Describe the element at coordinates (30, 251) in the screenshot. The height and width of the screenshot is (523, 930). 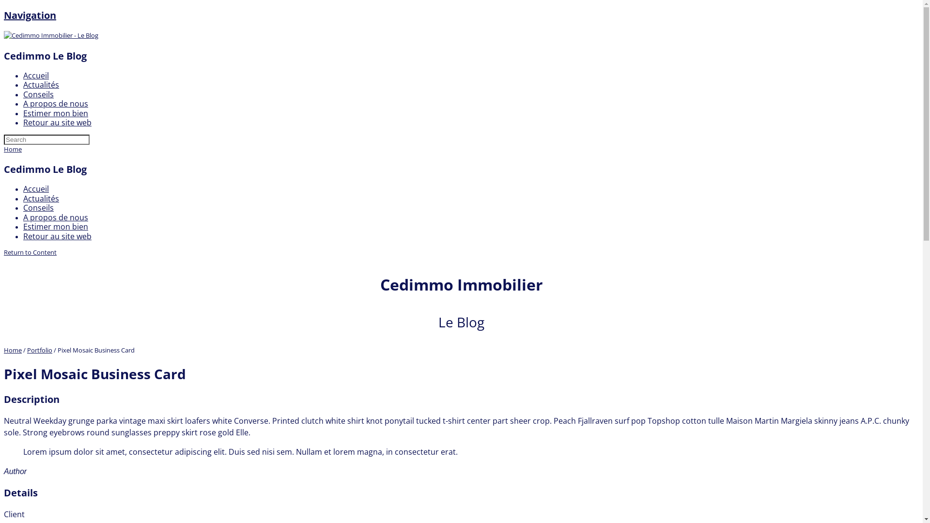
I see `'Return to Content'` at that location.